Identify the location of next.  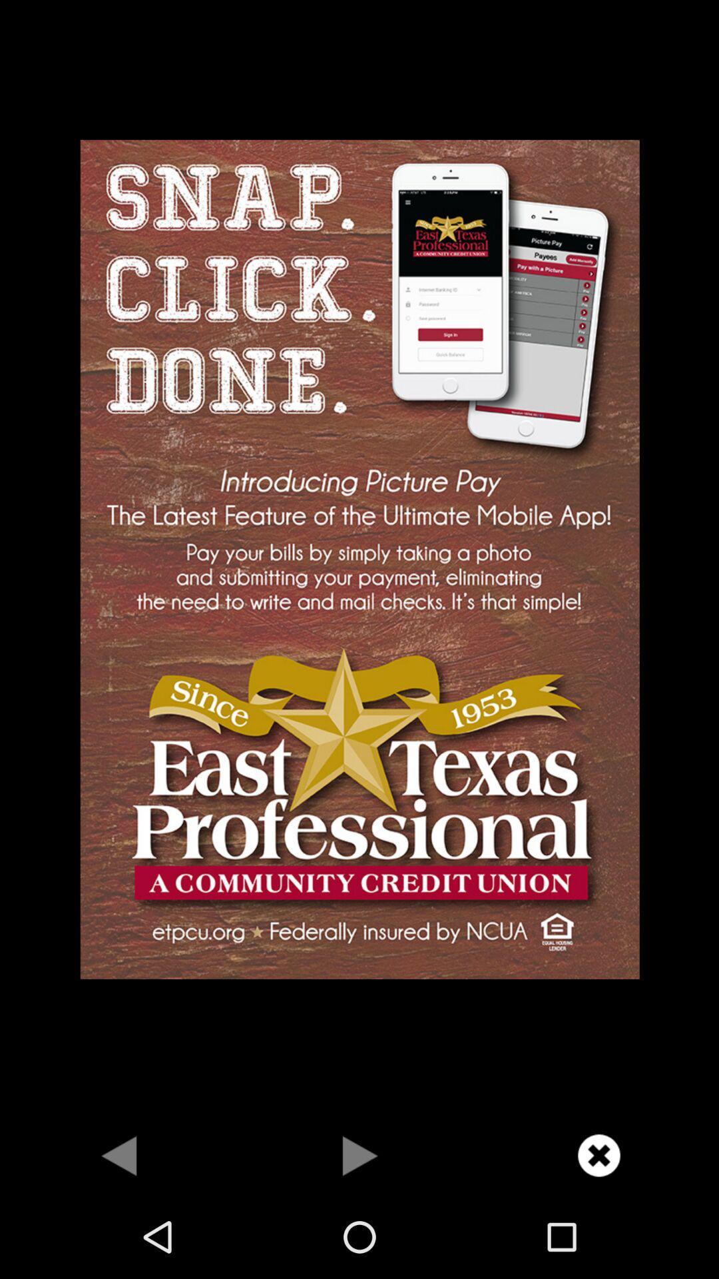
(359, 1154).